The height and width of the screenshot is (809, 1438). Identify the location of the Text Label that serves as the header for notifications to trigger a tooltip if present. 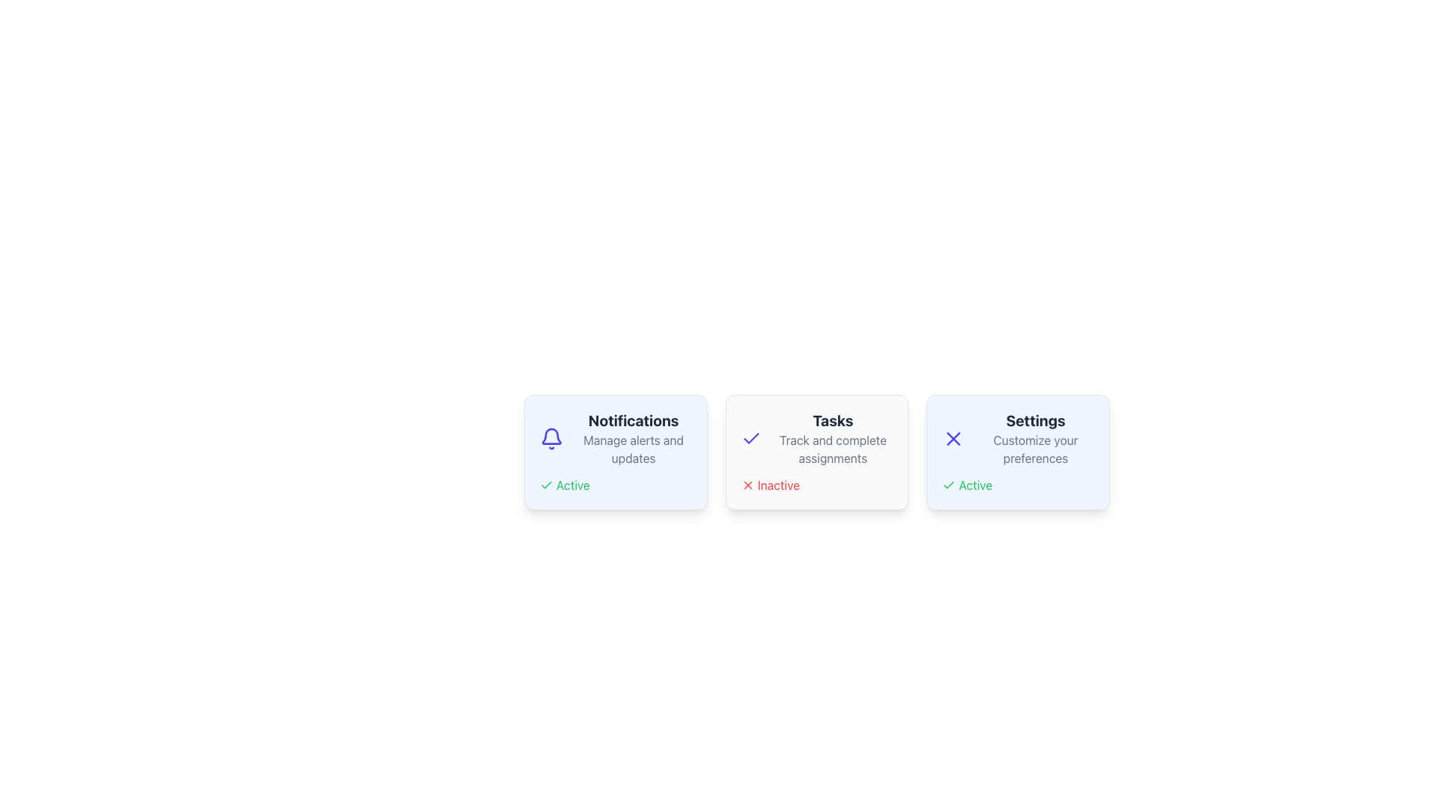
(634, 421).